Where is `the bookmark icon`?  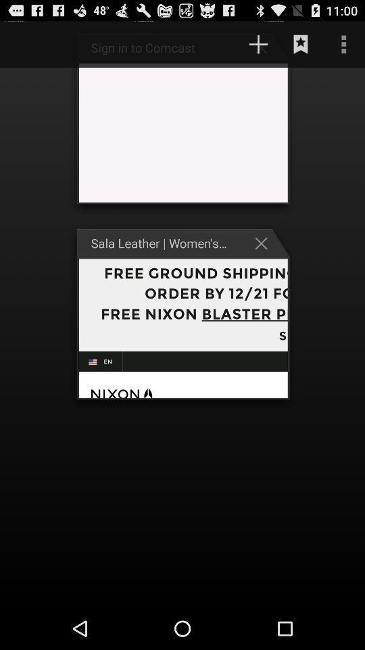
the bookmark icon is located at coordinates (301, 47).